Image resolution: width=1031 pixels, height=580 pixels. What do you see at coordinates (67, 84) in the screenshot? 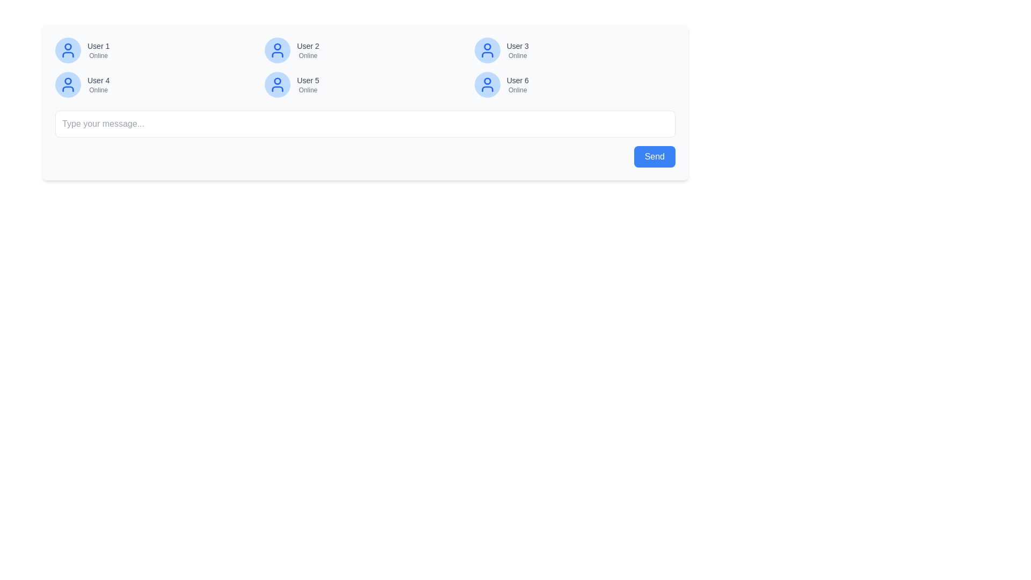
I see `the user profile icon located directly above the 'User 4' text in the user list, which is the second user icon in the leftmost column` at bounding box center [67, 84].